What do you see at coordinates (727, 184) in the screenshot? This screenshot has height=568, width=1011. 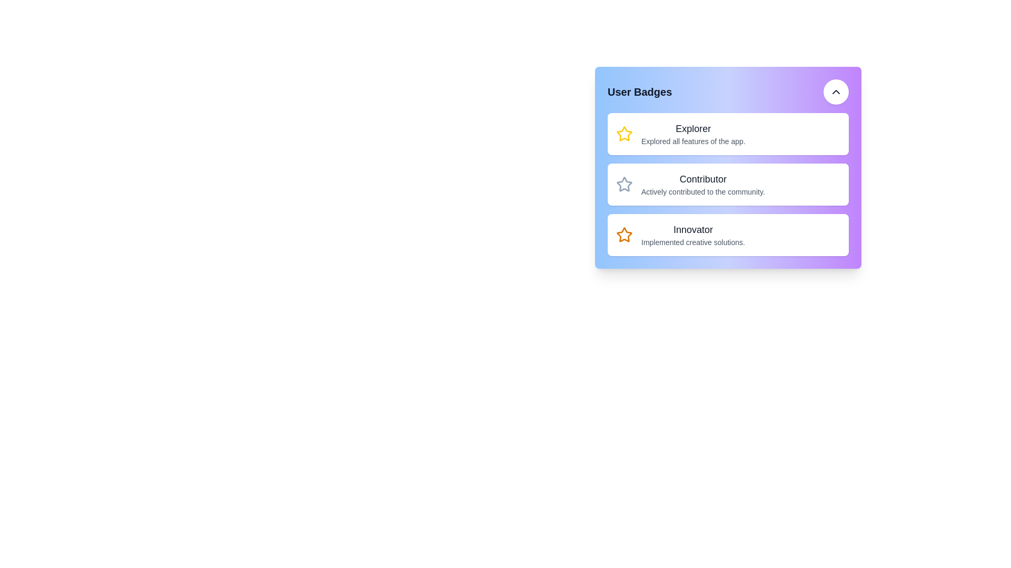 I see `the 'Contributor' badge displayed on the Informational Card, which is the second card in the list of user badges` at bounding box center [727, 184].